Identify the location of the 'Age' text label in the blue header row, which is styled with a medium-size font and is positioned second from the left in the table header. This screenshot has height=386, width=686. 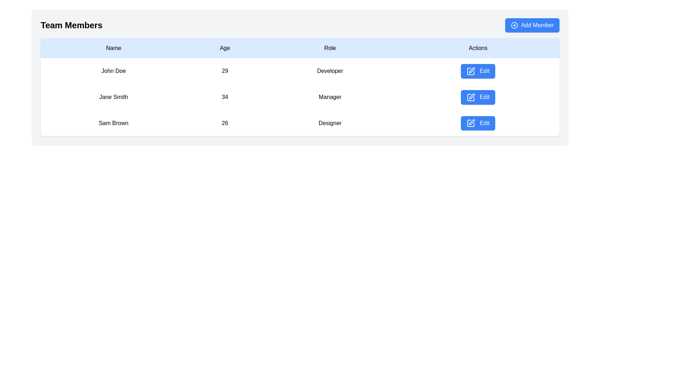
(224, 48).